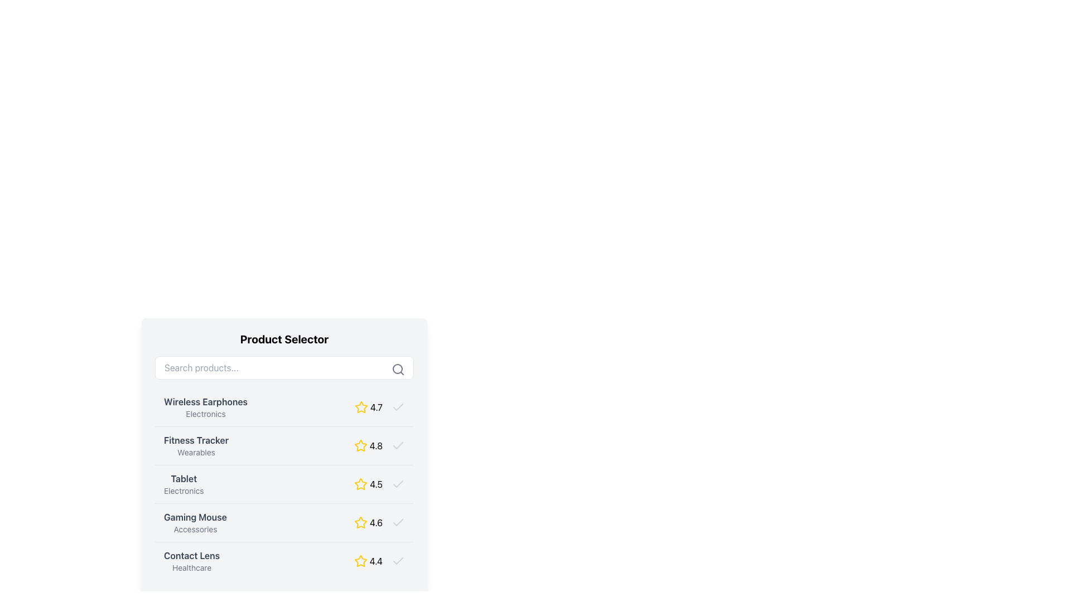 This screenshot has height=602, width=1071. I want to click on the static text display showing the numeric value '4.7', which is located in the first row of the 'Wireless Earphones' product section, next to a yellow star icon, so click(376, 407).